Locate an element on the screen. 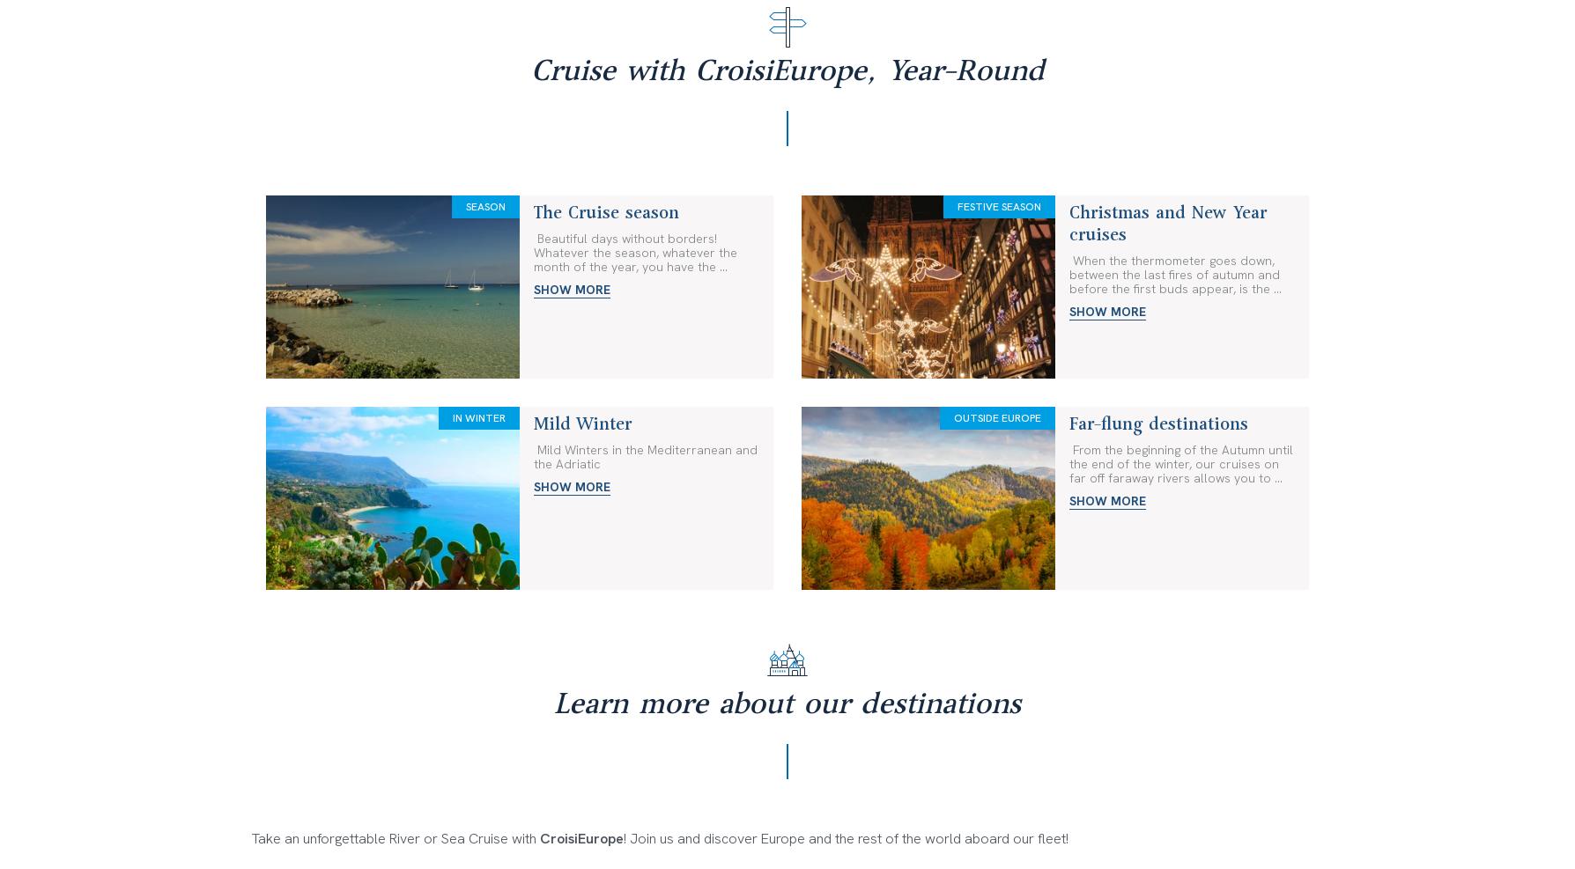 The width and height of the screenshot is (1575, 869). 'Refuse' is located at coordinates (1050, 856).